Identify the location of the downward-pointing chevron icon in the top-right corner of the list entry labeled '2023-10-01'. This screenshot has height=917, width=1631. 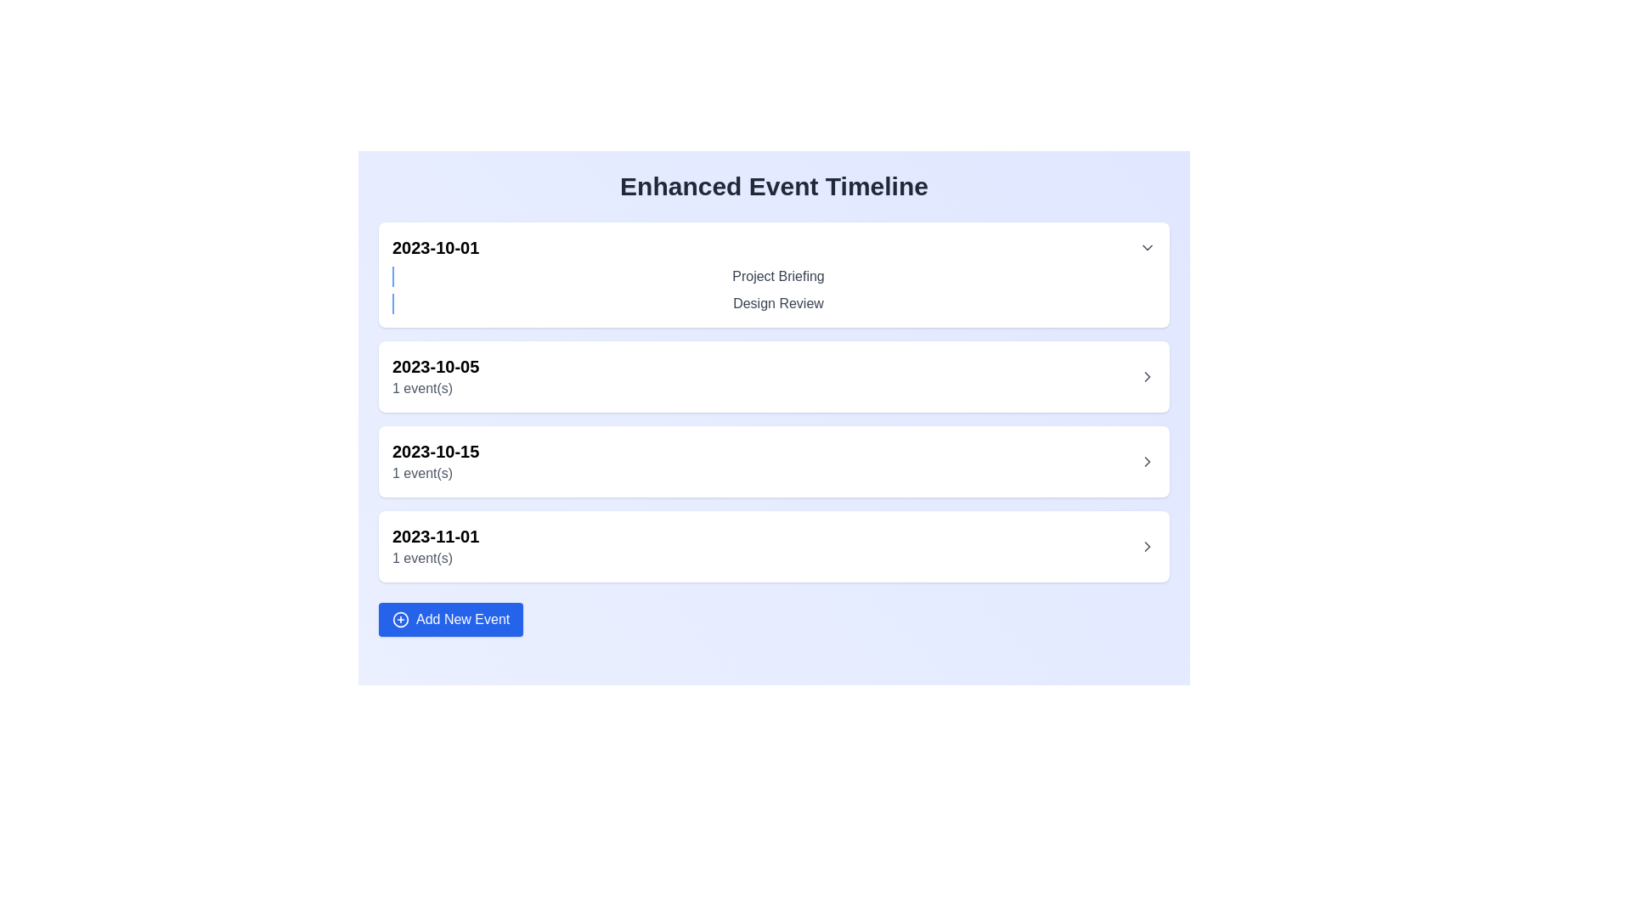
(1147, 248).